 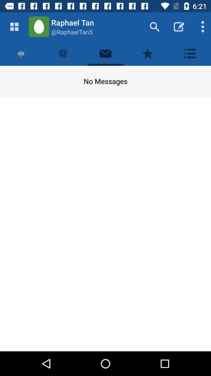 I want to click on your messages, so click(x=105, y=53).